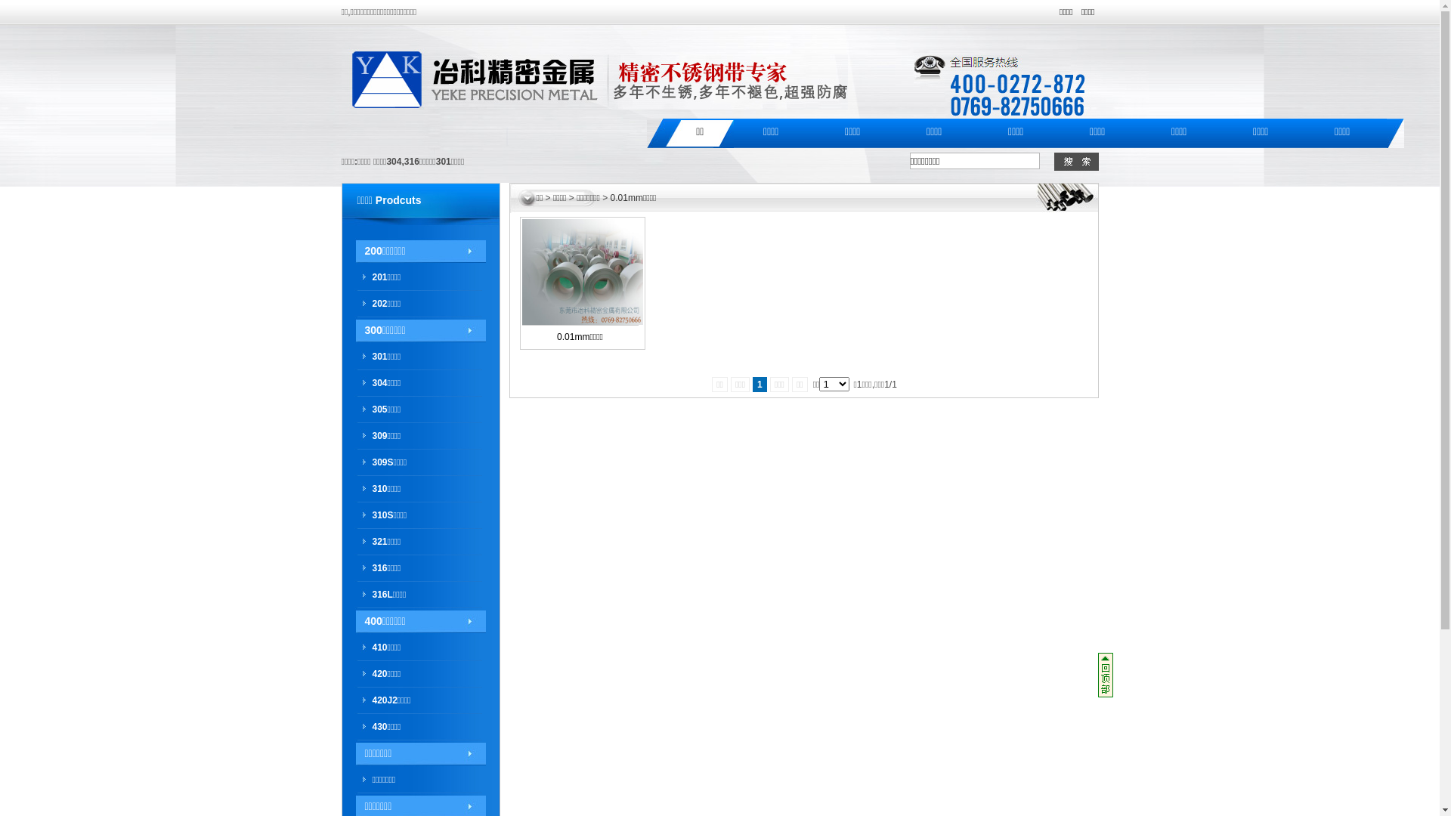 The width and height of the screenshot is (1451, 816). I want to click on '1', so click(760, 384).